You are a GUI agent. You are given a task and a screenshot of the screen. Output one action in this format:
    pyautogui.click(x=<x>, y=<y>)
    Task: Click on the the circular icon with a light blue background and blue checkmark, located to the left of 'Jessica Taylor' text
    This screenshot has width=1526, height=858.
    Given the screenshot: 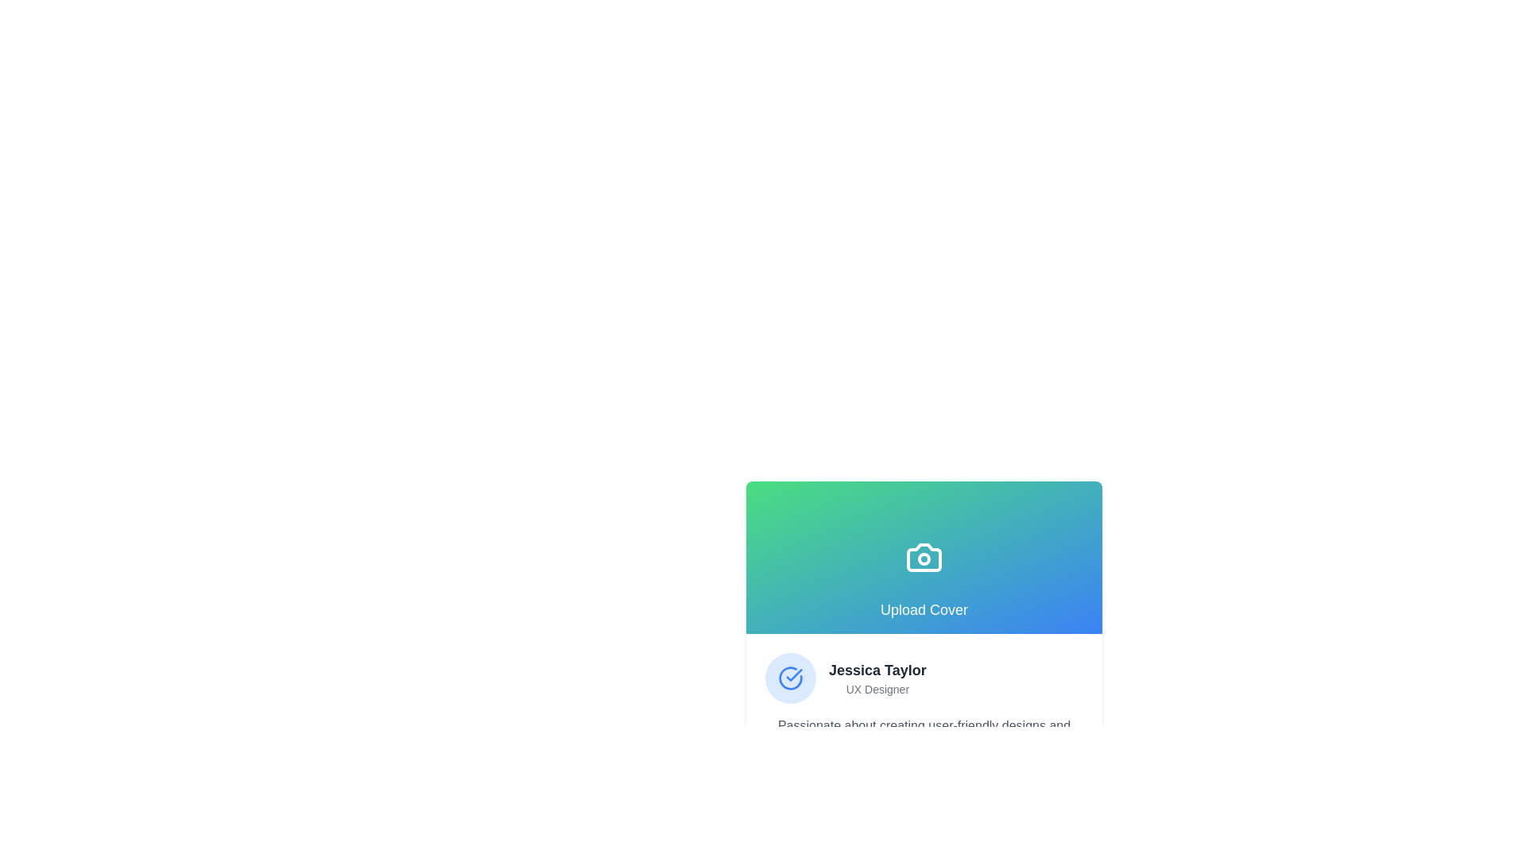 What is the action you would take?
    pyautogui.click(x=790, y=678)
    